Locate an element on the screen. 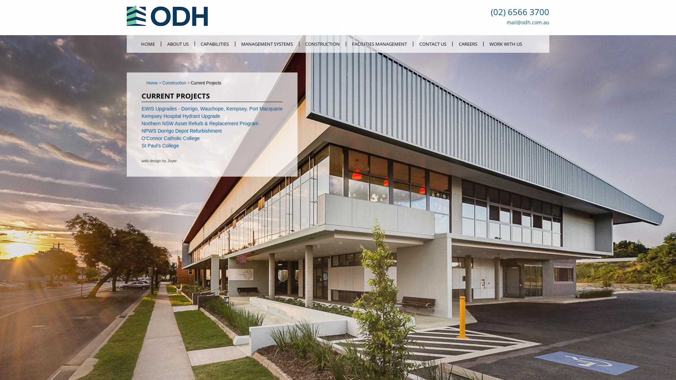 Image resolution: width=676 pixels, height=380 pixels. 'CONSTRUCTION' is located at coordinates (322, 44).